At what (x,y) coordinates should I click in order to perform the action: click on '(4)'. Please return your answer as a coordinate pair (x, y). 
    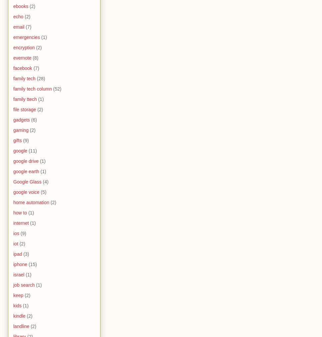
    Looking at the image, I should click on (45, 181).